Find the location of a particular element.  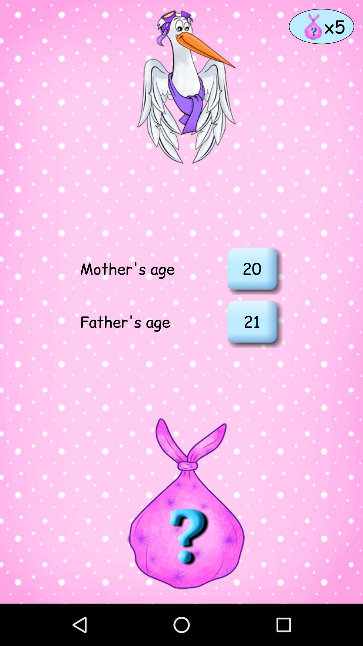

the 20 is located at coordinates (252, 268).